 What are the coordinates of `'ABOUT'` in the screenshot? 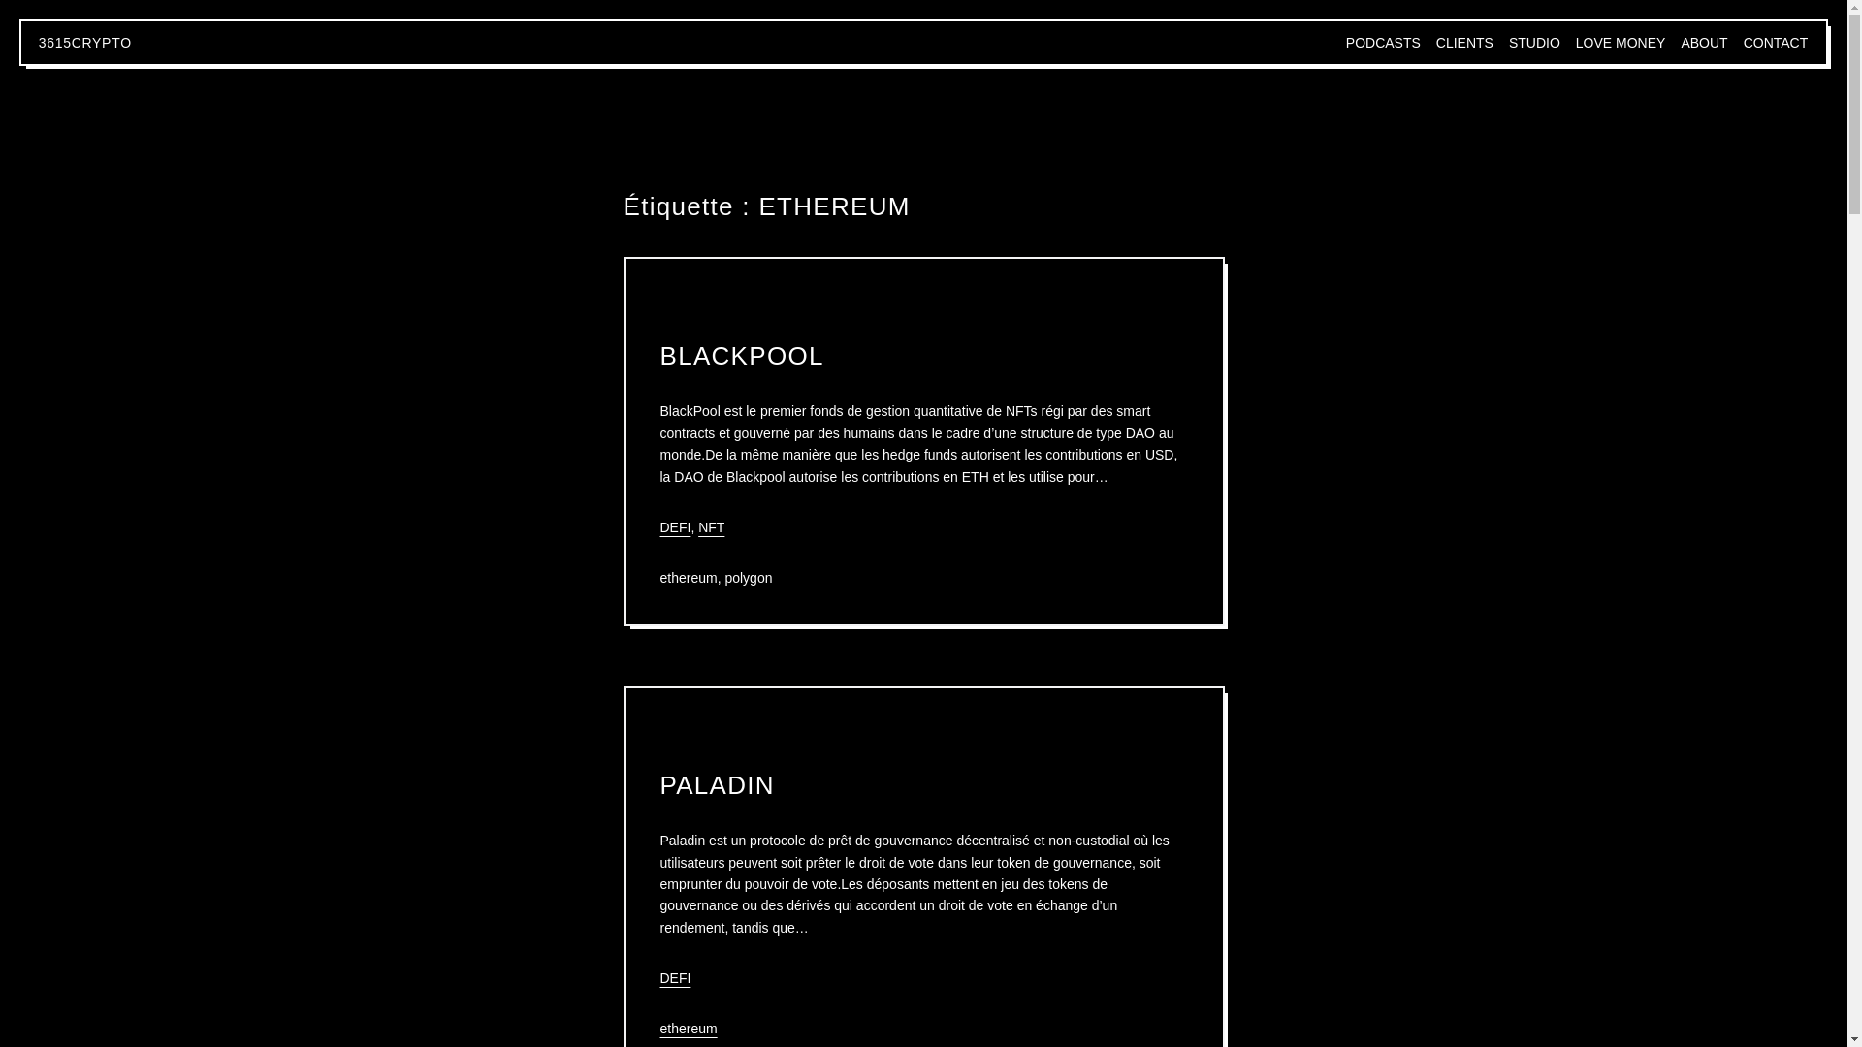 It's located at (1702, 42).